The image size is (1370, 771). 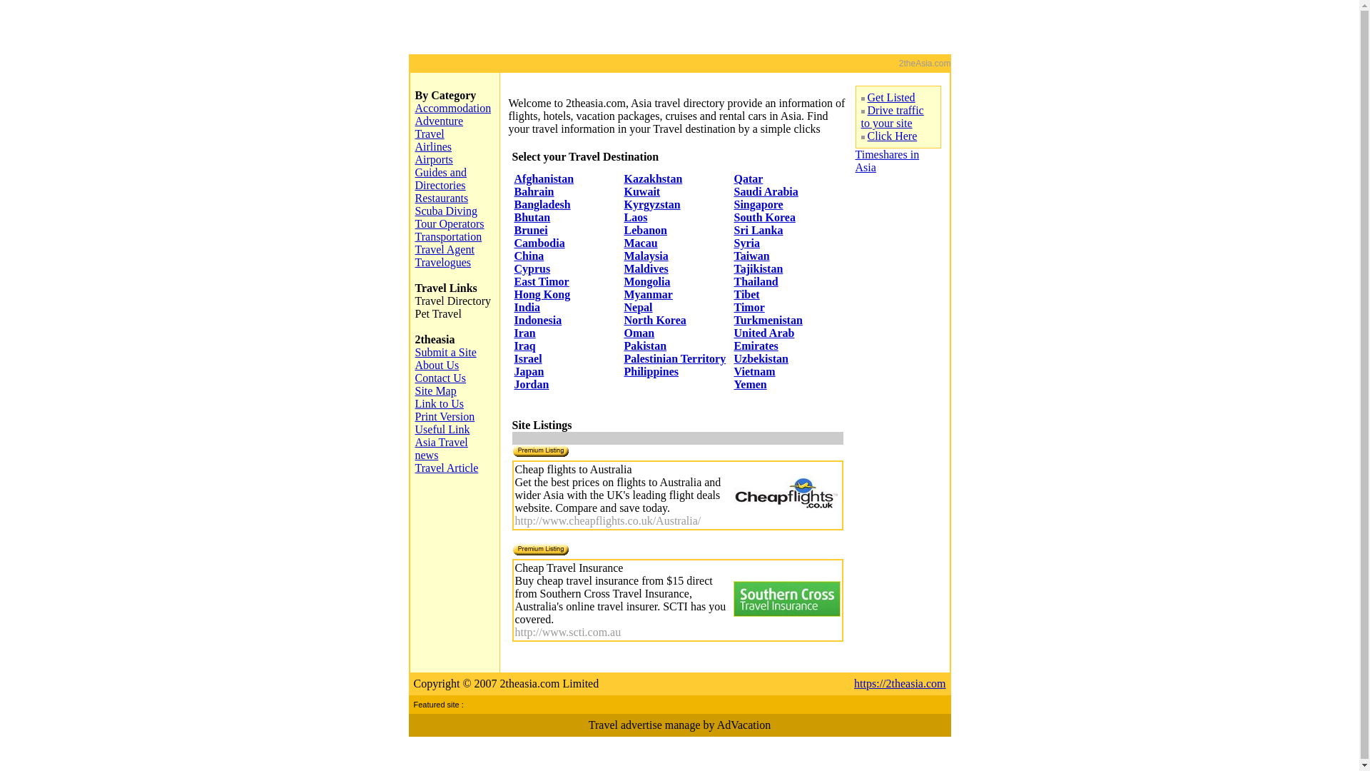 I want to click on 'Israel', so click(x=527, y=358).